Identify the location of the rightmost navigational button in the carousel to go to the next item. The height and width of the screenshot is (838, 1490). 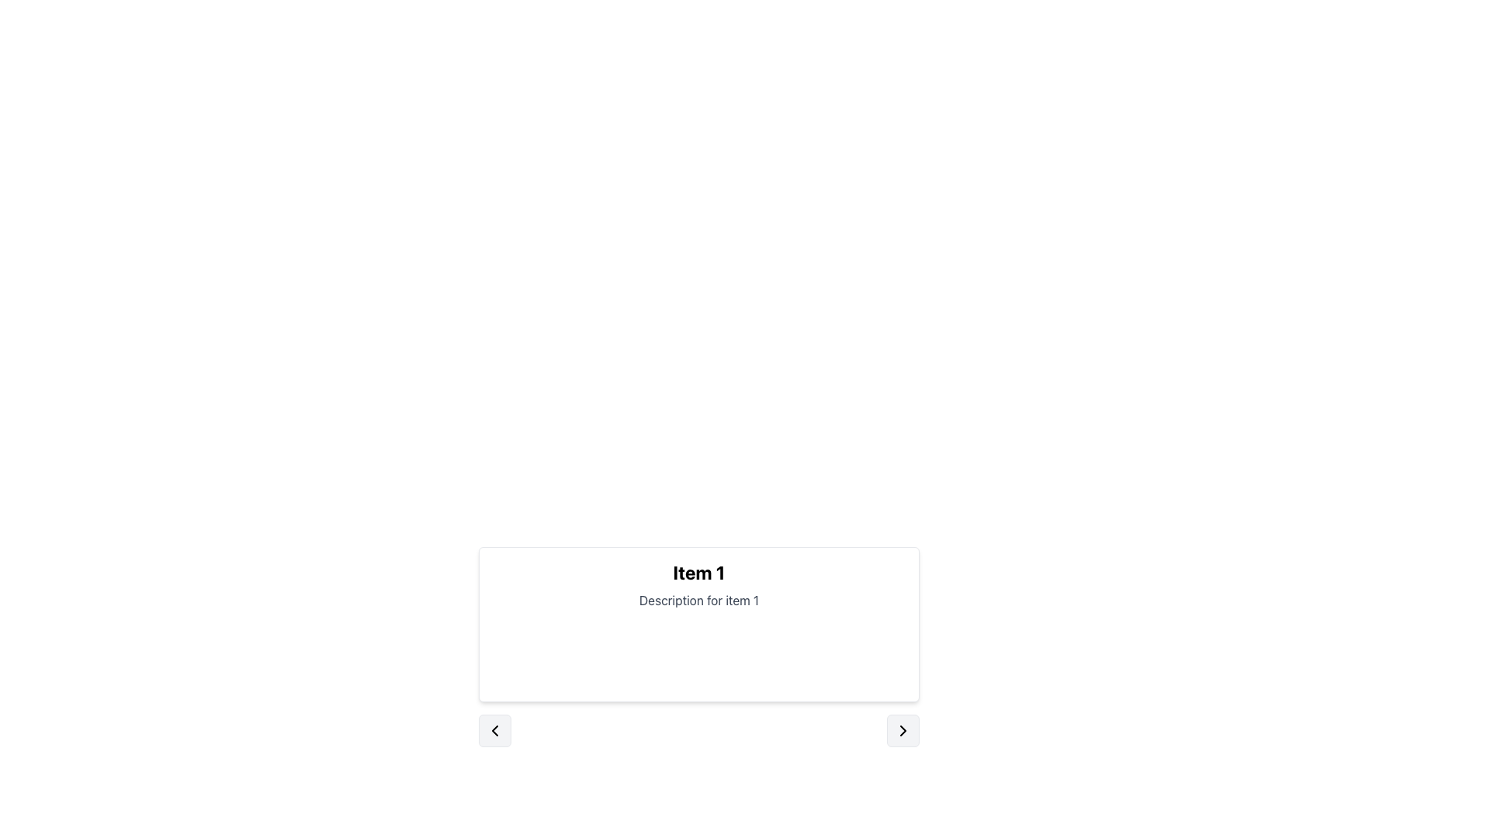
(903, 730).